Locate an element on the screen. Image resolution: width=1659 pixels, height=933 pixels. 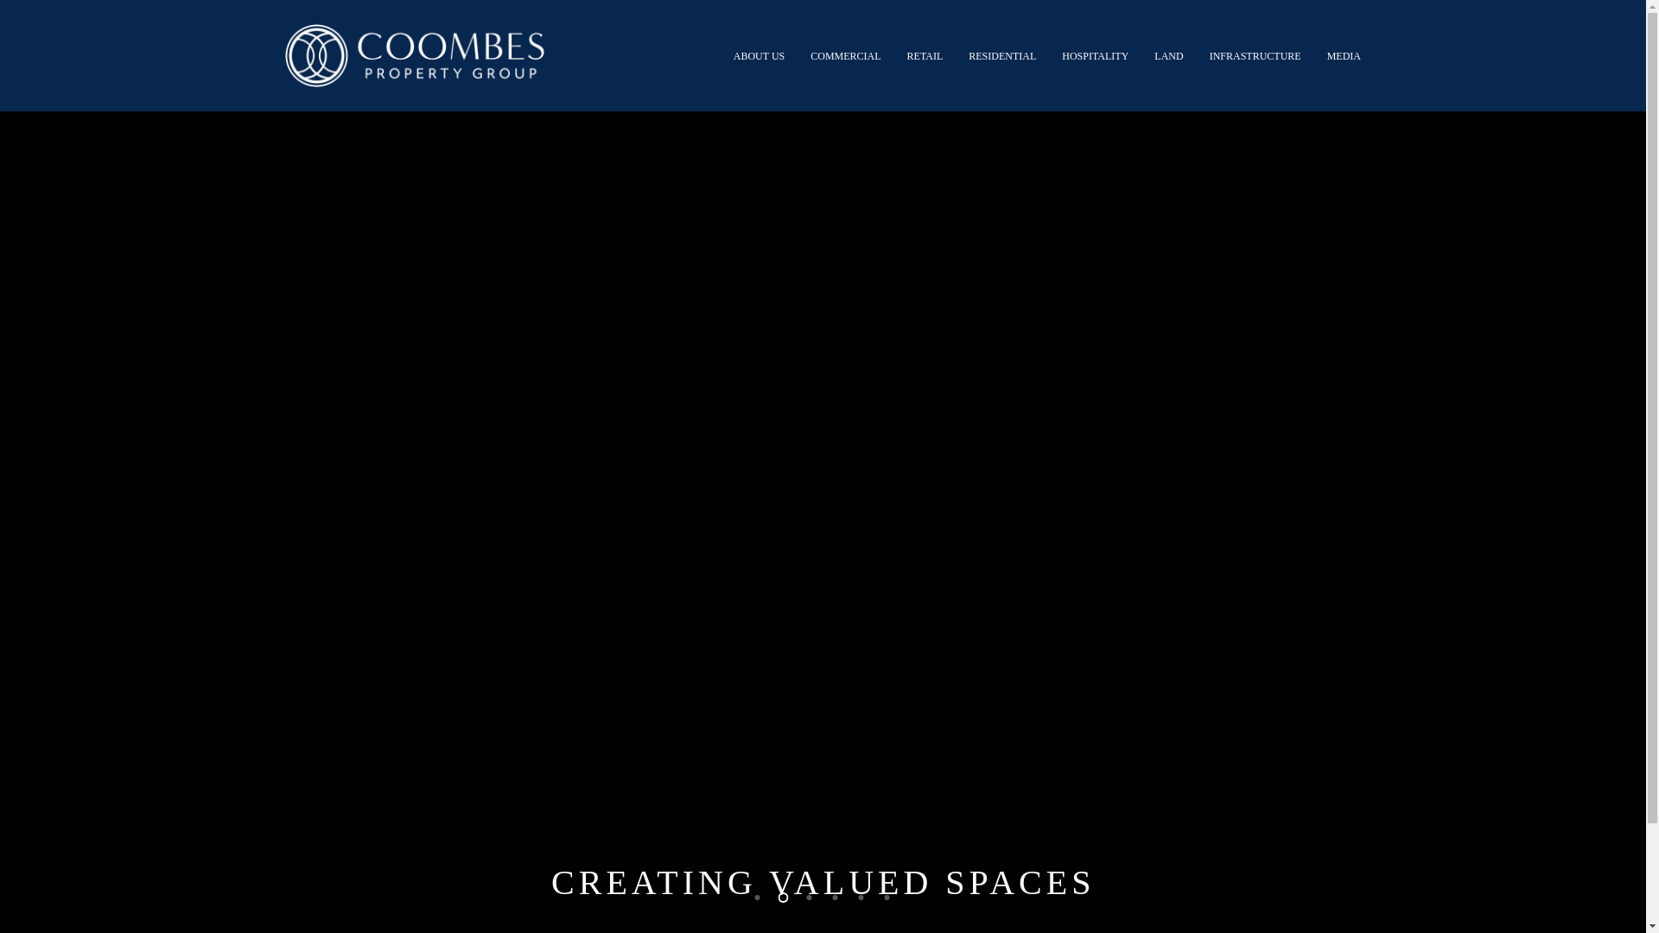
'COMMERCIAL' is located at coordinates (845, 54).